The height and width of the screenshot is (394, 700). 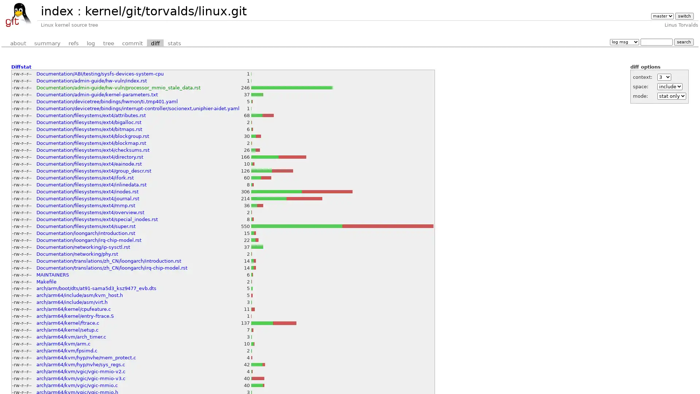 I want to click on search, so click(x=683, y=42).